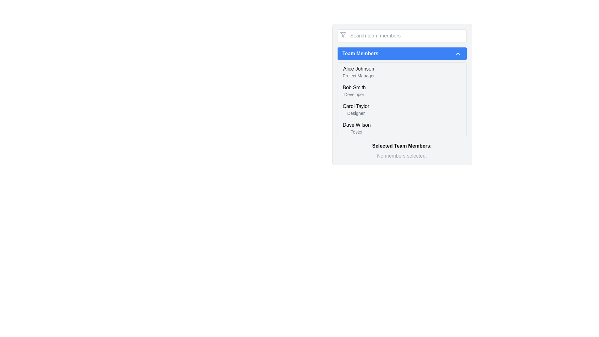  Describe the element at coordinates (358, 72) in the screenshot. I see `the first list item` at that location.